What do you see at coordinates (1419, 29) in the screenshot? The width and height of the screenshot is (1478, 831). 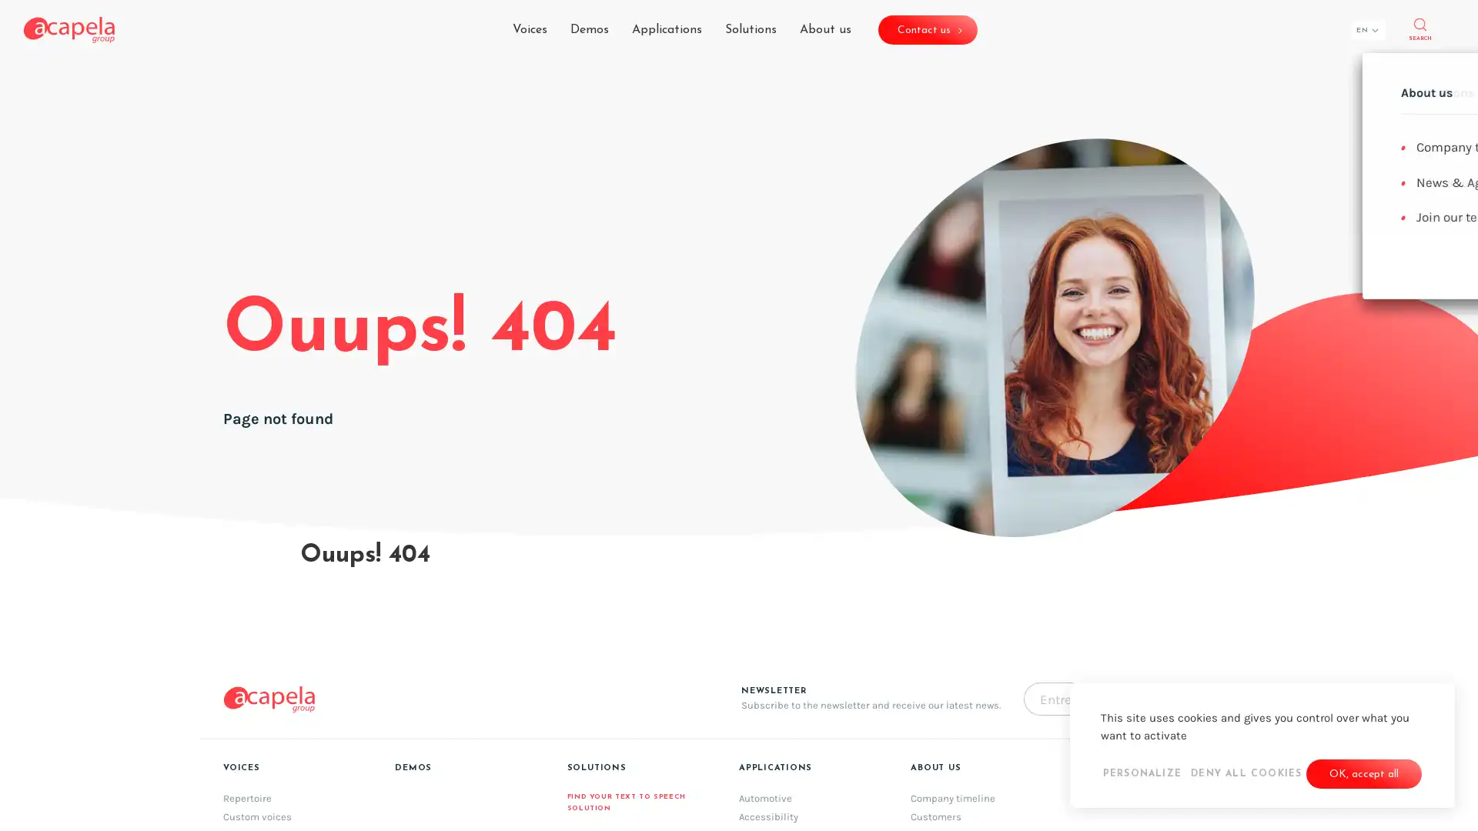 I see `SEARCH  CLOSE` at bounding box center [1419, 29].